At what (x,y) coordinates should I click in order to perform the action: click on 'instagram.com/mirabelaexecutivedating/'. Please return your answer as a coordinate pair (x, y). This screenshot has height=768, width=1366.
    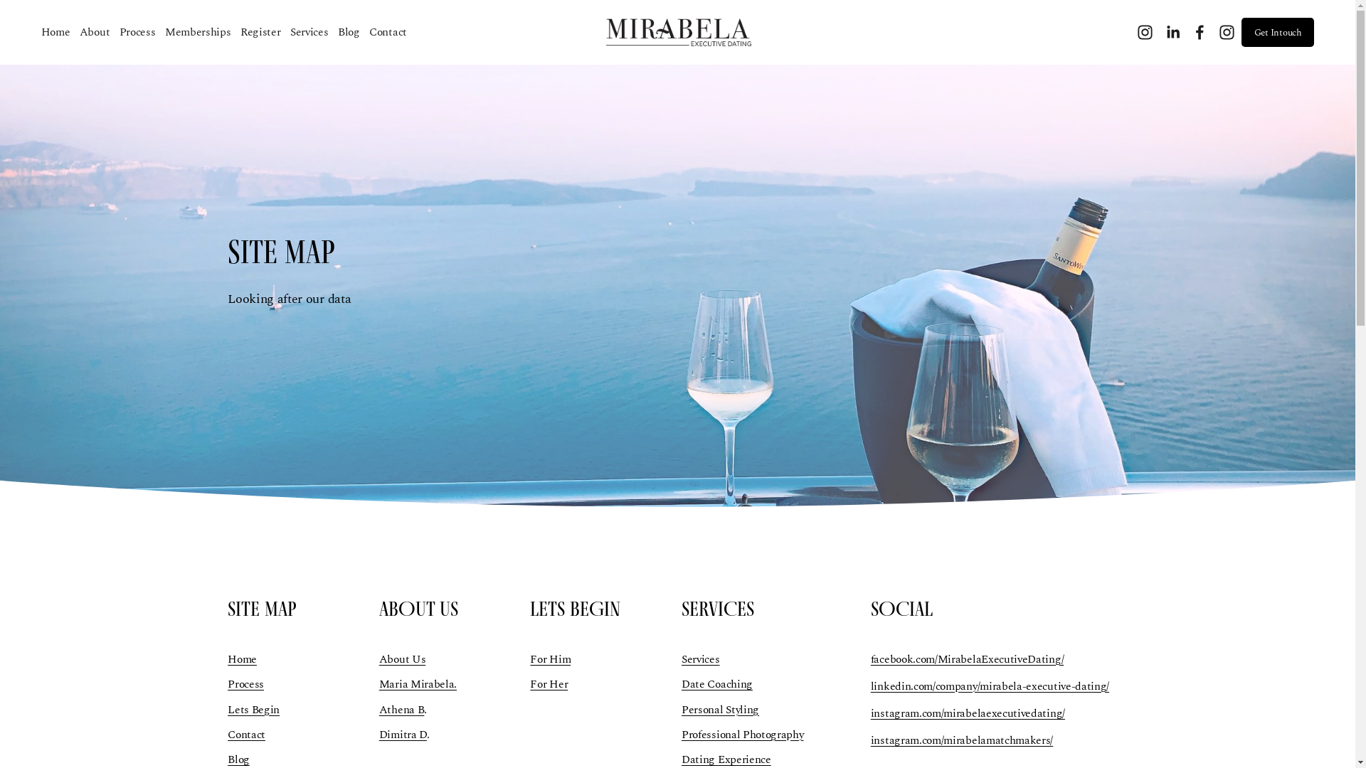
    Looking at the image, I should click on (968, 713).